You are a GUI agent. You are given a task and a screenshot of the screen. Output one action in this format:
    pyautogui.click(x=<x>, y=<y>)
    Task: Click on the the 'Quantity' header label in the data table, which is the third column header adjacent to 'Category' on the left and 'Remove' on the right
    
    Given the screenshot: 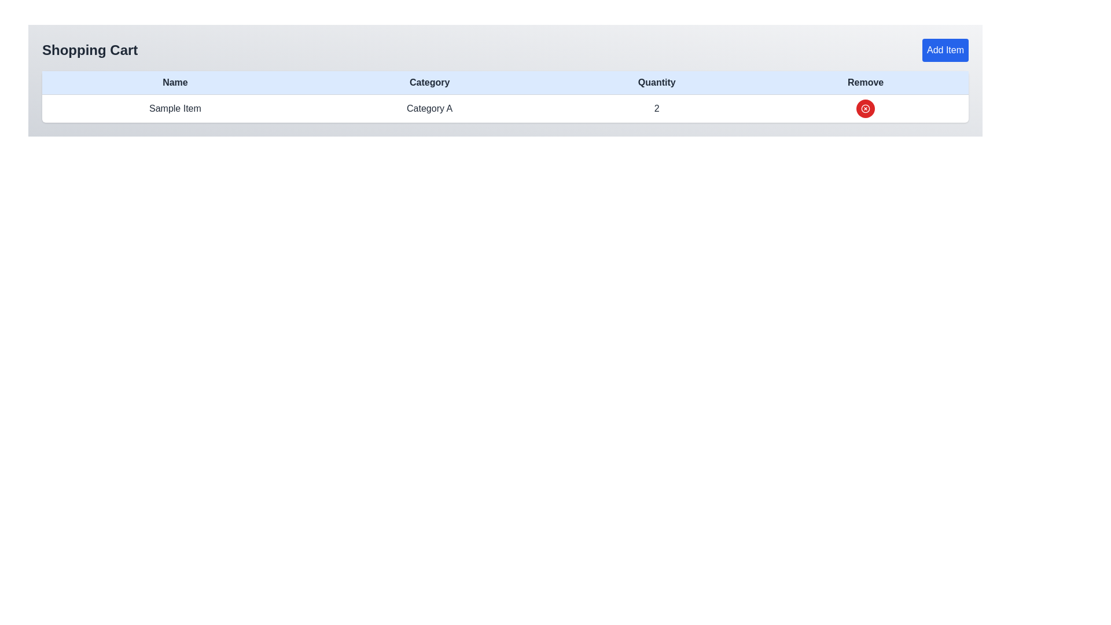 What is the action you would take?
    pyautogui.click(x=657, y=82)
    